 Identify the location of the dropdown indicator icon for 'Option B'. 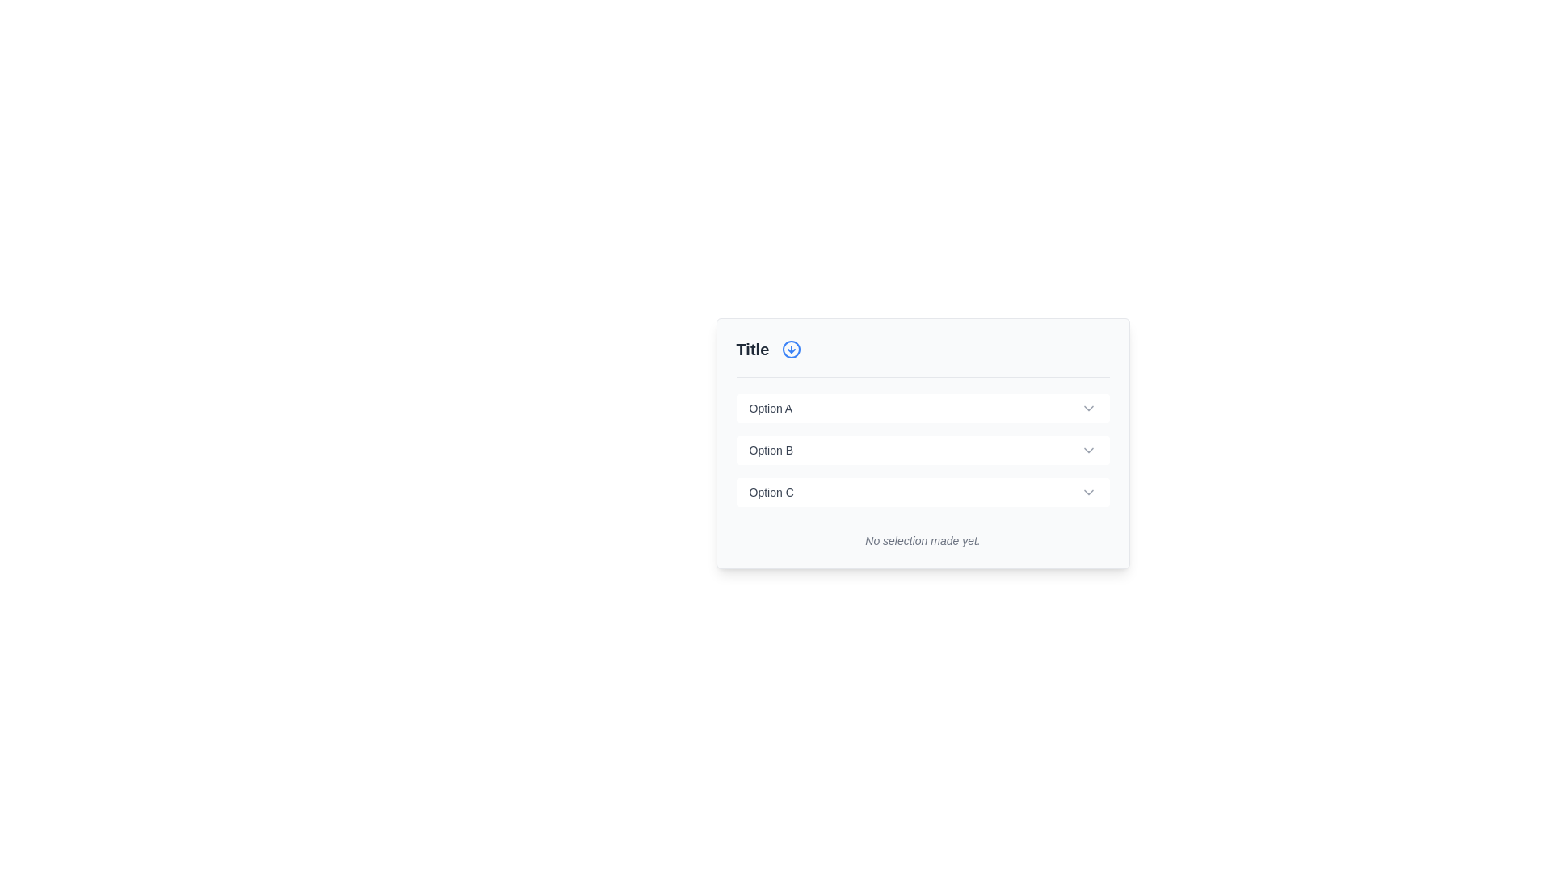
(1088, 451).